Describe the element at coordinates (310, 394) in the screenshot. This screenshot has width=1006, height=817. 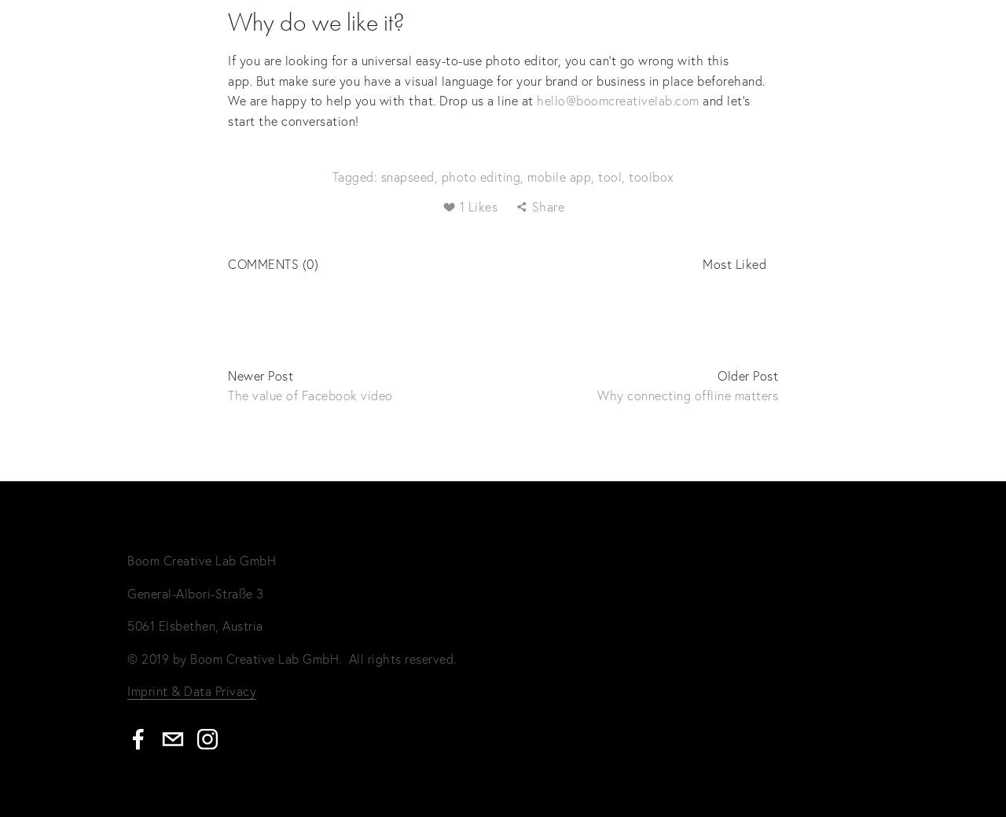
I see `'The value of Facebook video'` at that location.